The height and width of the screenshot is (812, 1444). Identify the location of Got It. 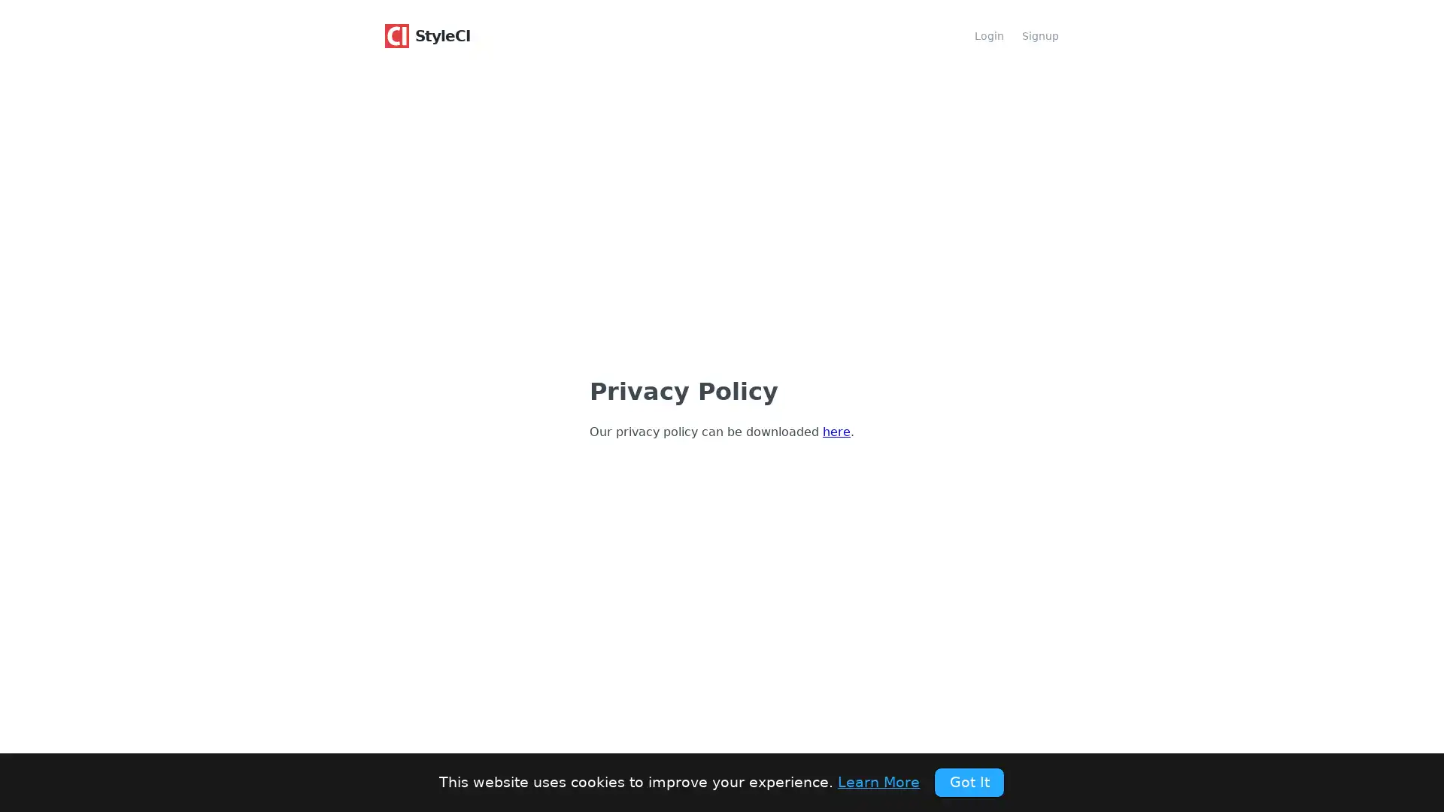
(969, 781).